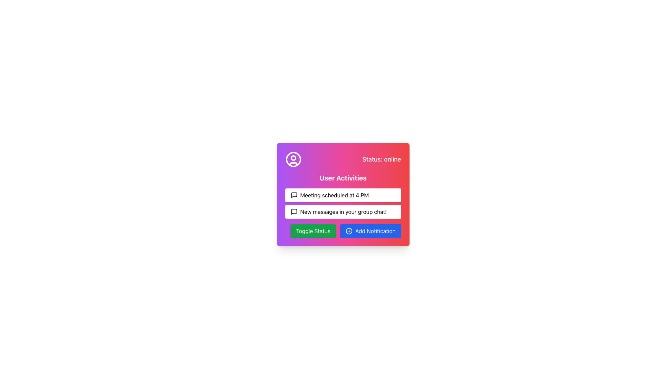 This screenshot has width=663, height=372. Describe the element at coordinates (381, 159) in the screenshot. I see `the text label displaying 'Status: online', which is styled with a medium-sized font and located at the top-right corner of the card, adjacent to a user icon` at that location.